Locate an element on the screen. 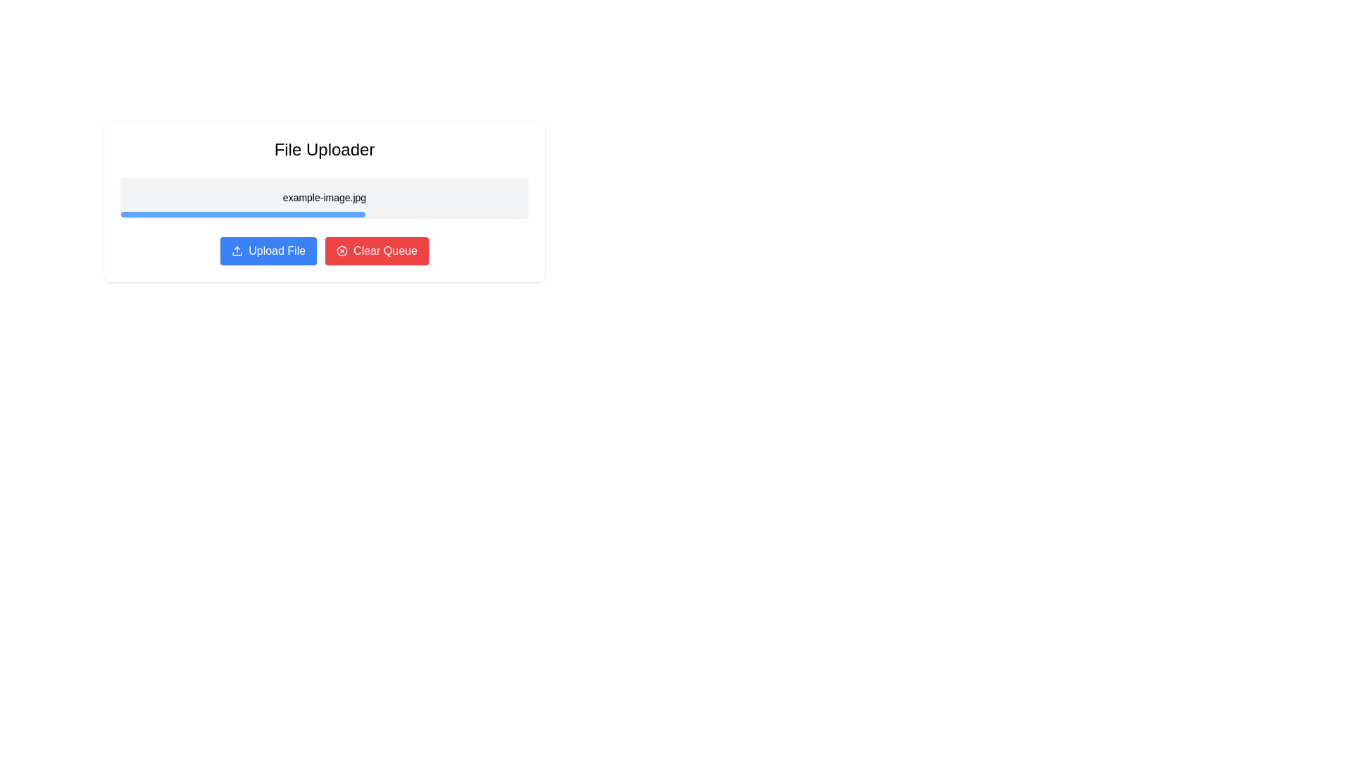 This screenshot has height=760, width=1352. the heading text 'File Uploader' which is prominently displayed at the top center of the uploader interface is located at coordinates (323, 149).